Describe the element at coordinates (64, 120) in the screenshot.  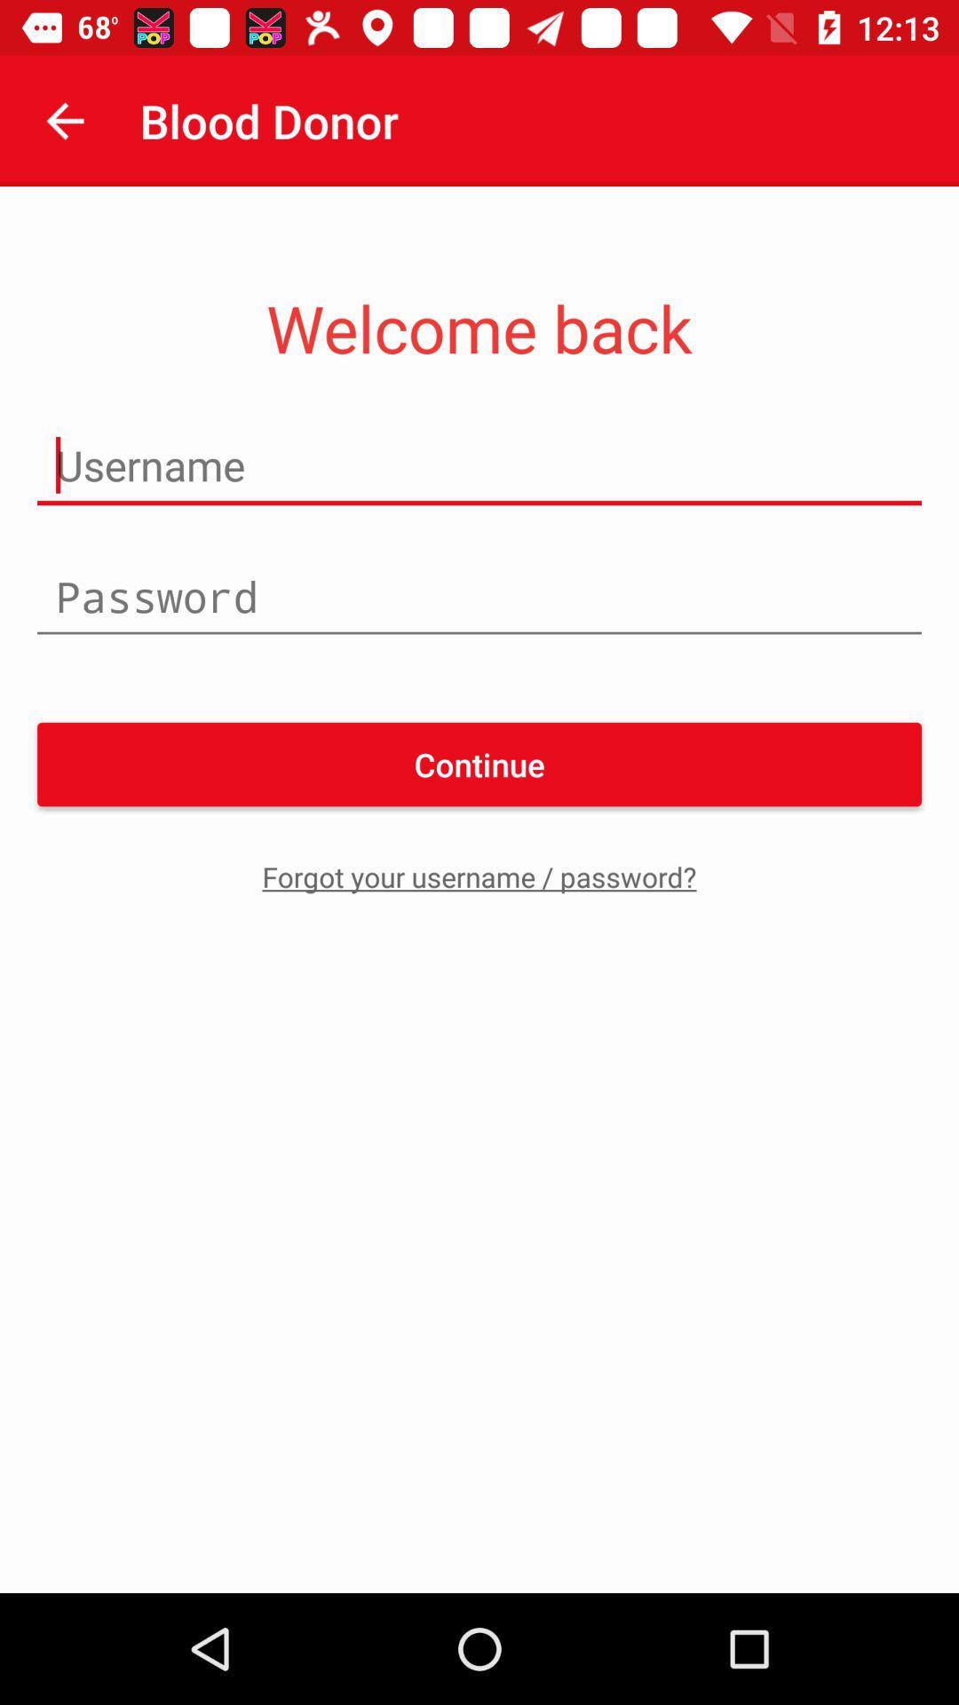
I see `app to the left of the blood donor` at that location.